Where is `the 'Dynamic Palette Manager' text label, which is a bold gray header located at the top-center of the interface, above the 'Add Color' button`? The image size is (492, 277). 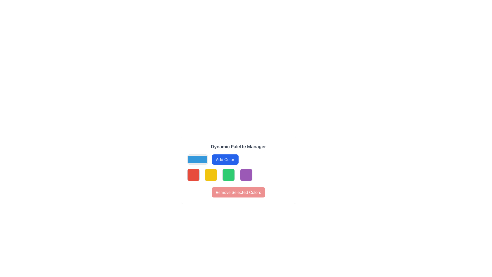
the 'Dynamic Palette Manager' text label, which is a bold gray header located at the top-center of the interface, above the 'Add Color' button is located at coordinates (238, 146).